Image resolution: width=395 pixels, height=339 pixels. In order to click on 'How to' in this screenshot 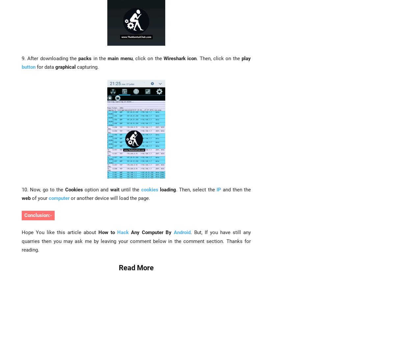, I will do `click(108, 232)`.